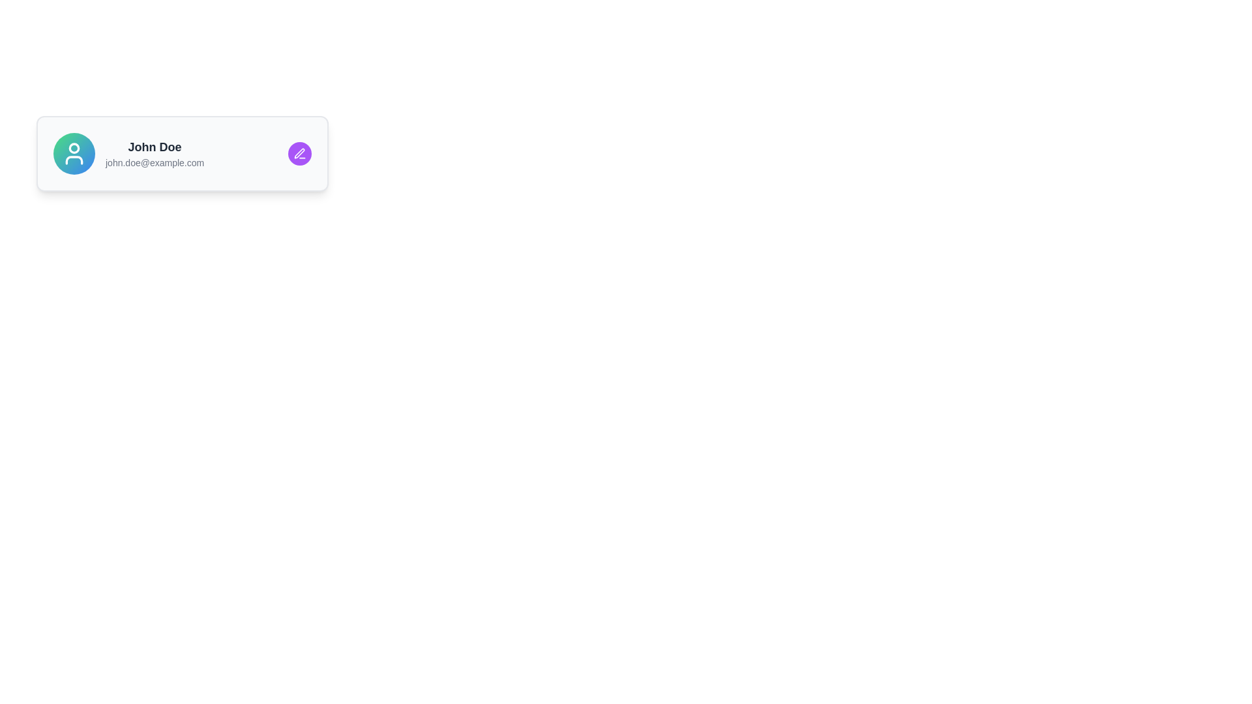 The image size is (1252, 704). Describe the element at coordinates (181, 153) in the screenshot. I see `the bolded name 'John Doe' in the Profile Card` at that location.